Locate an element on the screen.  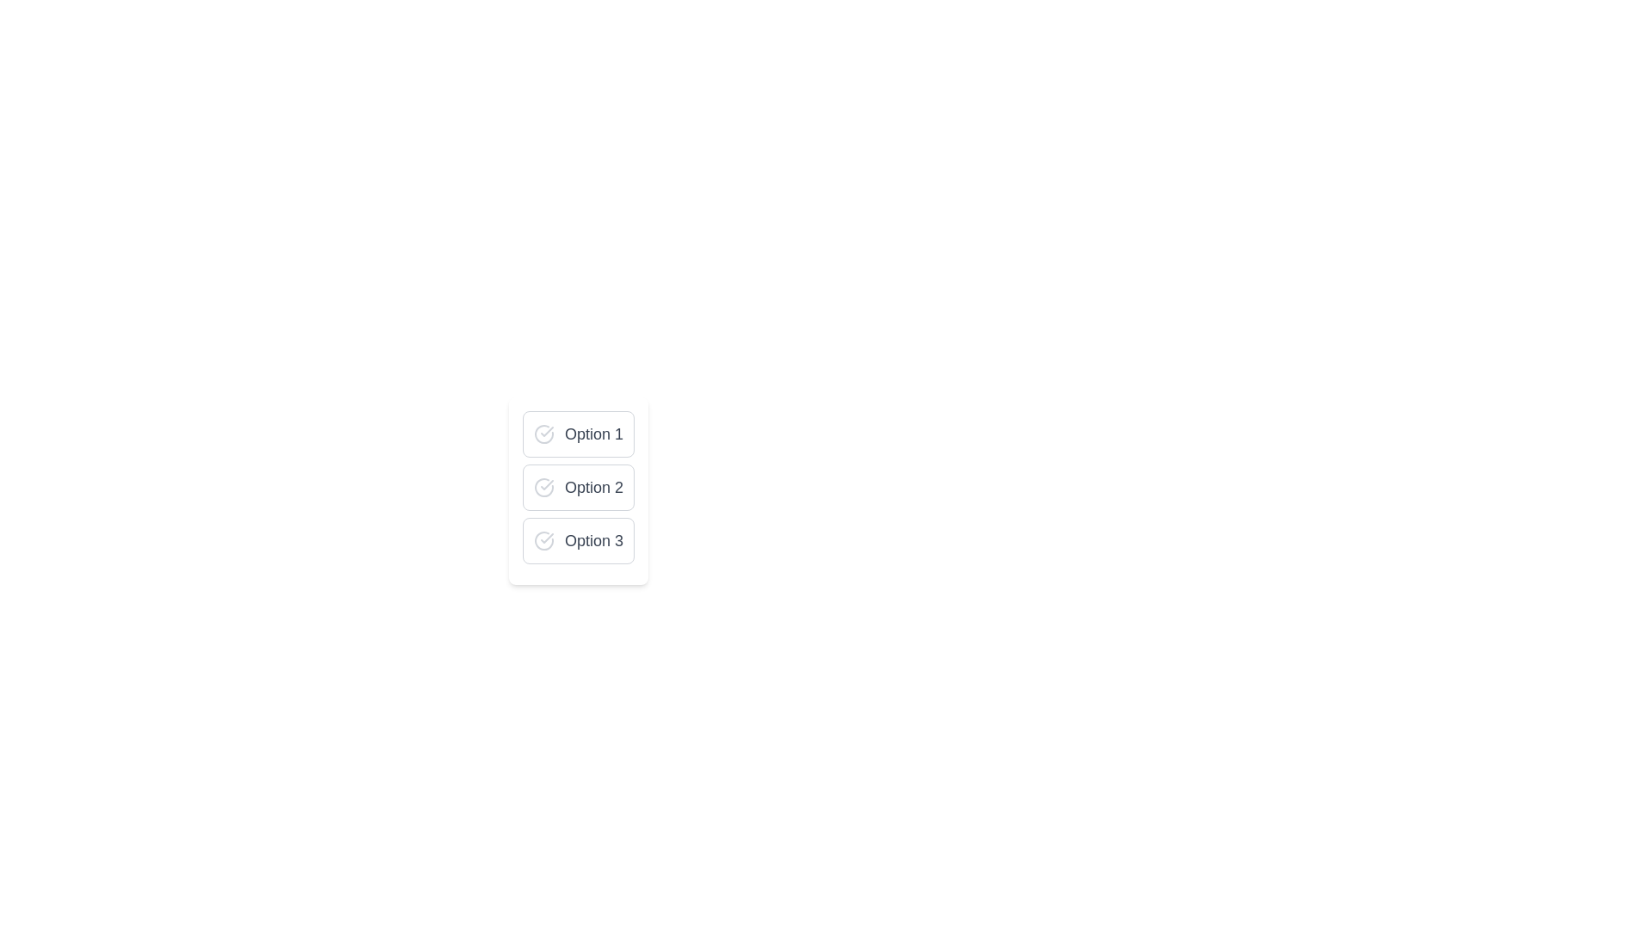
text 'Option 3' from the selectable list item, which is a rectangular block with rounded corners, featuring a light gray border and a white background, located below 'Option 2' is located at coordinates (578, 539).